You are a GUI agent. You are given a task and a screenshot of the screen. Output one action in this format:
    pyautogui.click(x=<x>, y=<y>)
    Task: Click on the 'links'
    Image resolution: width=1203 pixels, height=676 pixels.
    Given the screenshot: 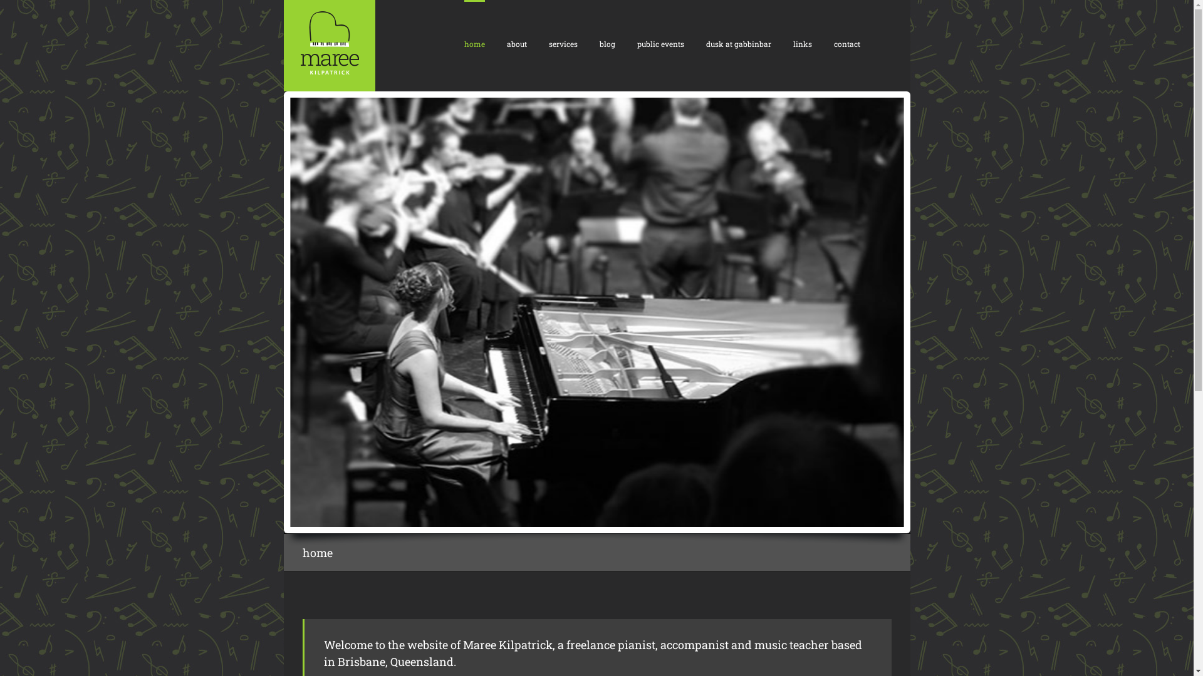 What is the action you would take?
    pyautogui.click(x=803, y=43)
    